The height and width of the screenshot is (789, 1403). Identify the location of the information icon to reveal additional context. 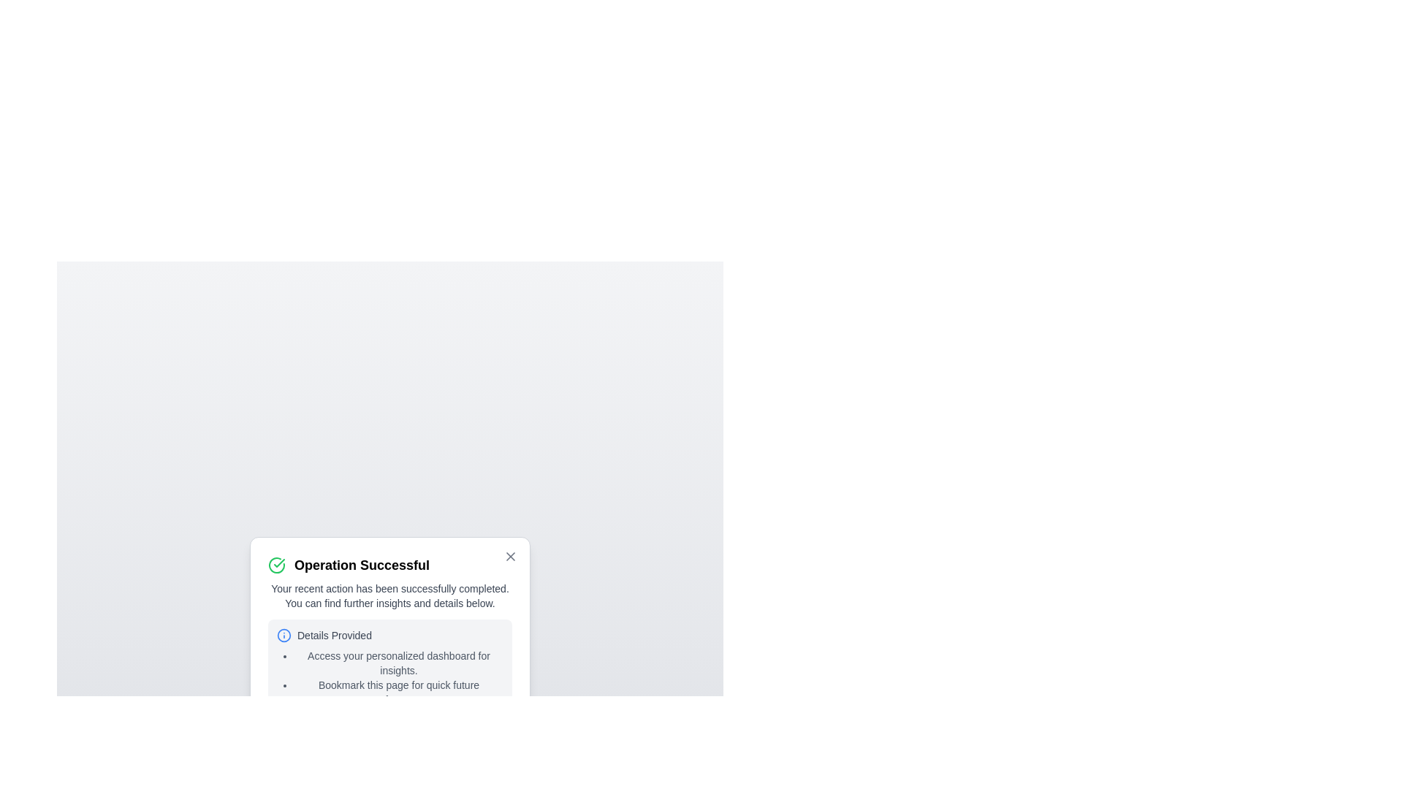
(284, 635).